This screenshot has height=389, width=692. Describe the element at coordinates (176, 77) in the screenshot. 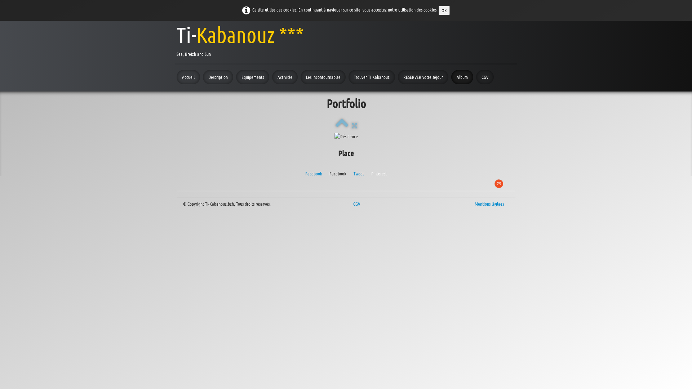

I see `'Accueil'` at that location.